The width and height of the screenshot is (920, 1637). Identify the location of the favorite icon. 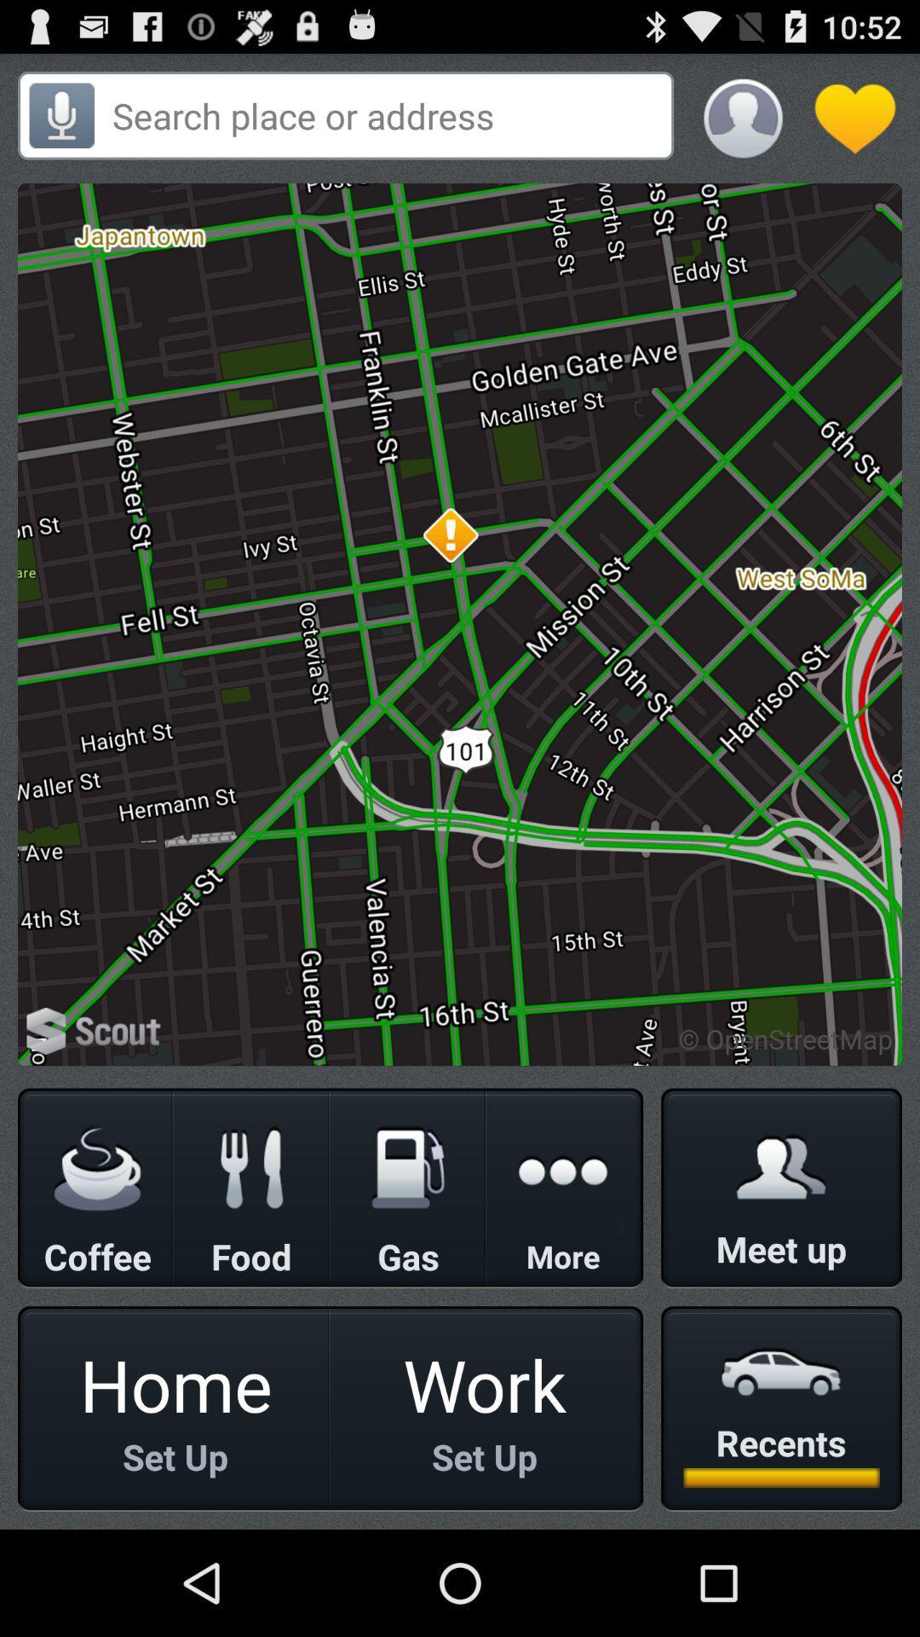
(854, 125).